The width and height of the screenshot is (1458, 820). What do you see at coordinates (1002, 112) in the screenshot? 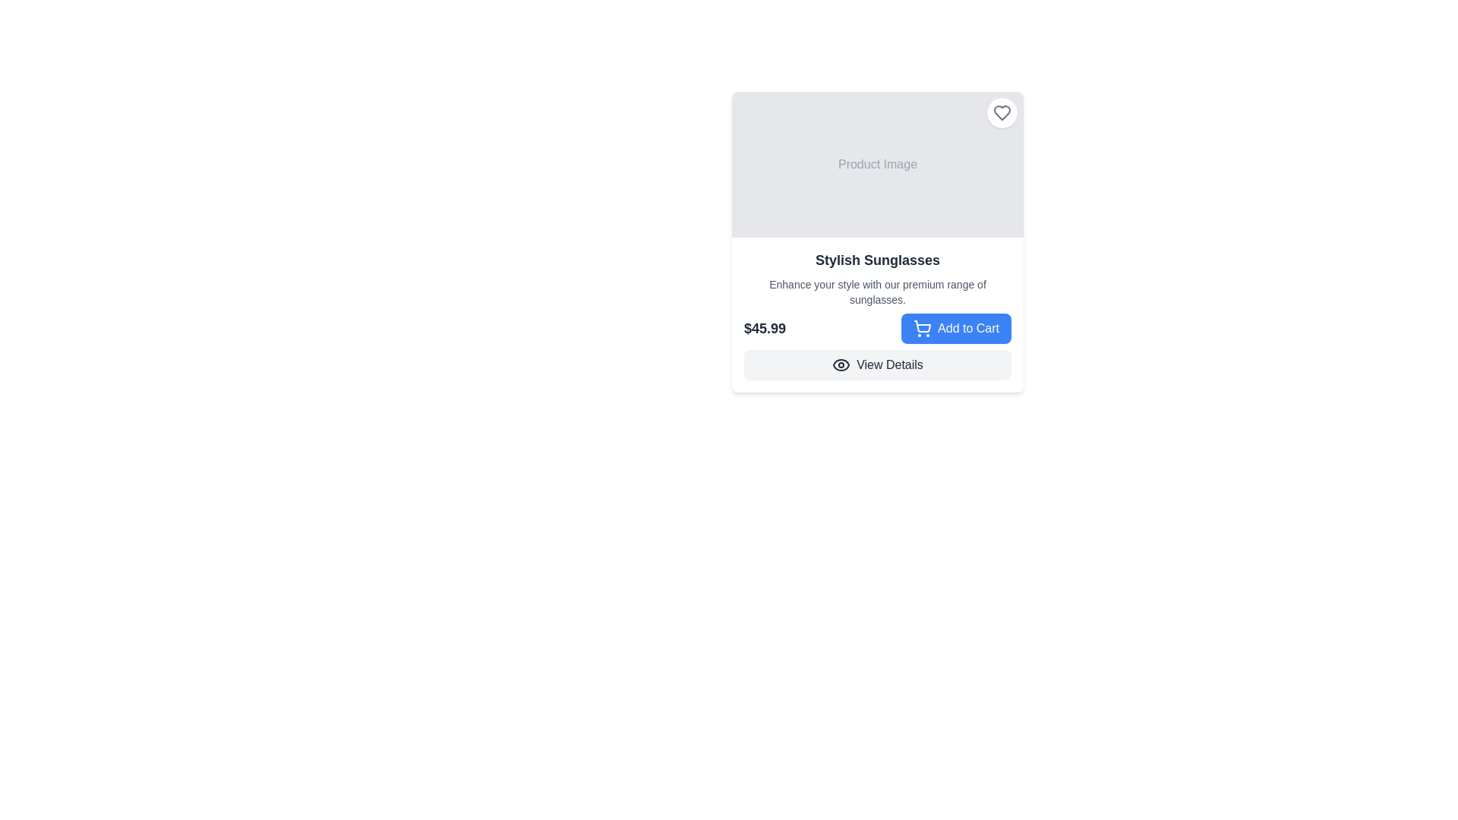
I see `the heart icon located in the top-right corner of the Stylish Sunglasses product card` at bounding box center [1002, 112].